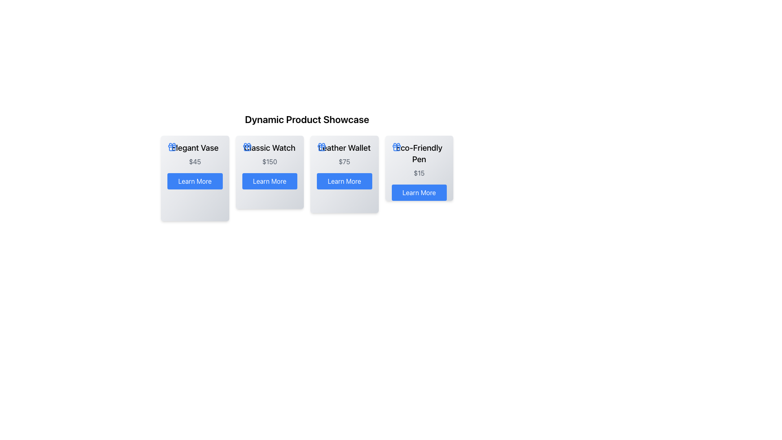 This screenshot has height=440, width=782. I want to click on the Static Text Display that shows the price '$150', which is styled with a modern sans-serif font and is located below the product name 'Classic Watch' in the third product card, so click(270, 162).